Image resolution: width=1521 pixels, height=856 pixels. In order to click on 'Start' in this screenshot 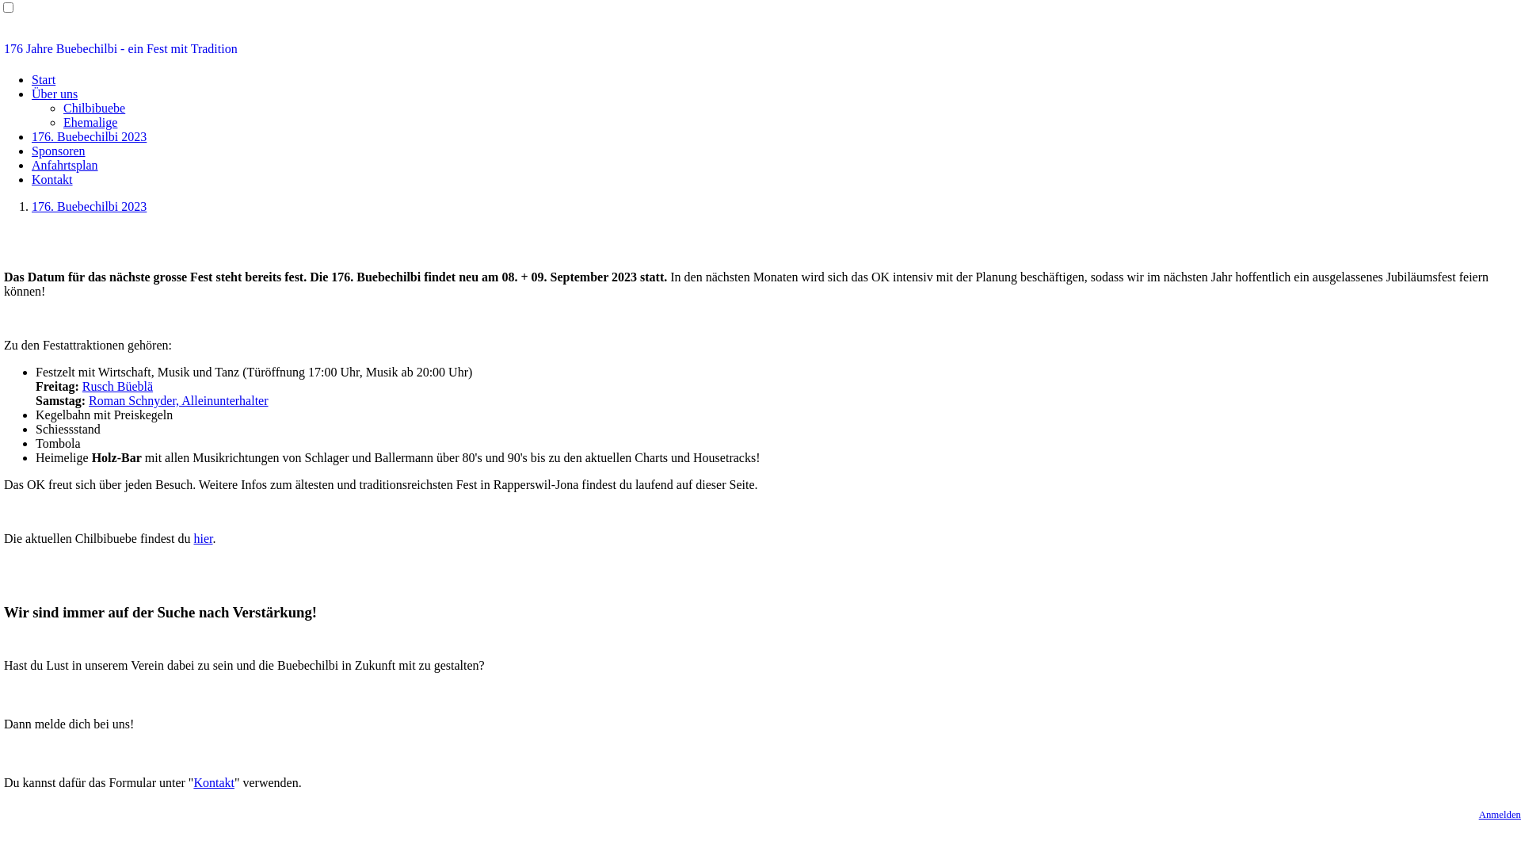, I will do `click(43, 79)`.